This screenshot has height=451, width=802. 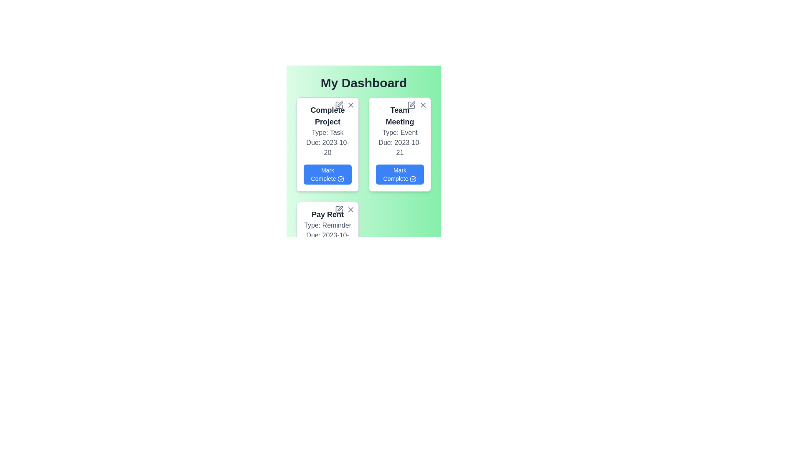 What do you see at coordinates (341, 179) in the screenshot?
I see `the circular checkmark icon inside the 'Mark Complete' button located at the bottom-right corner of the button in the 'Complete Project' task card` at bounding box center [341, 179].